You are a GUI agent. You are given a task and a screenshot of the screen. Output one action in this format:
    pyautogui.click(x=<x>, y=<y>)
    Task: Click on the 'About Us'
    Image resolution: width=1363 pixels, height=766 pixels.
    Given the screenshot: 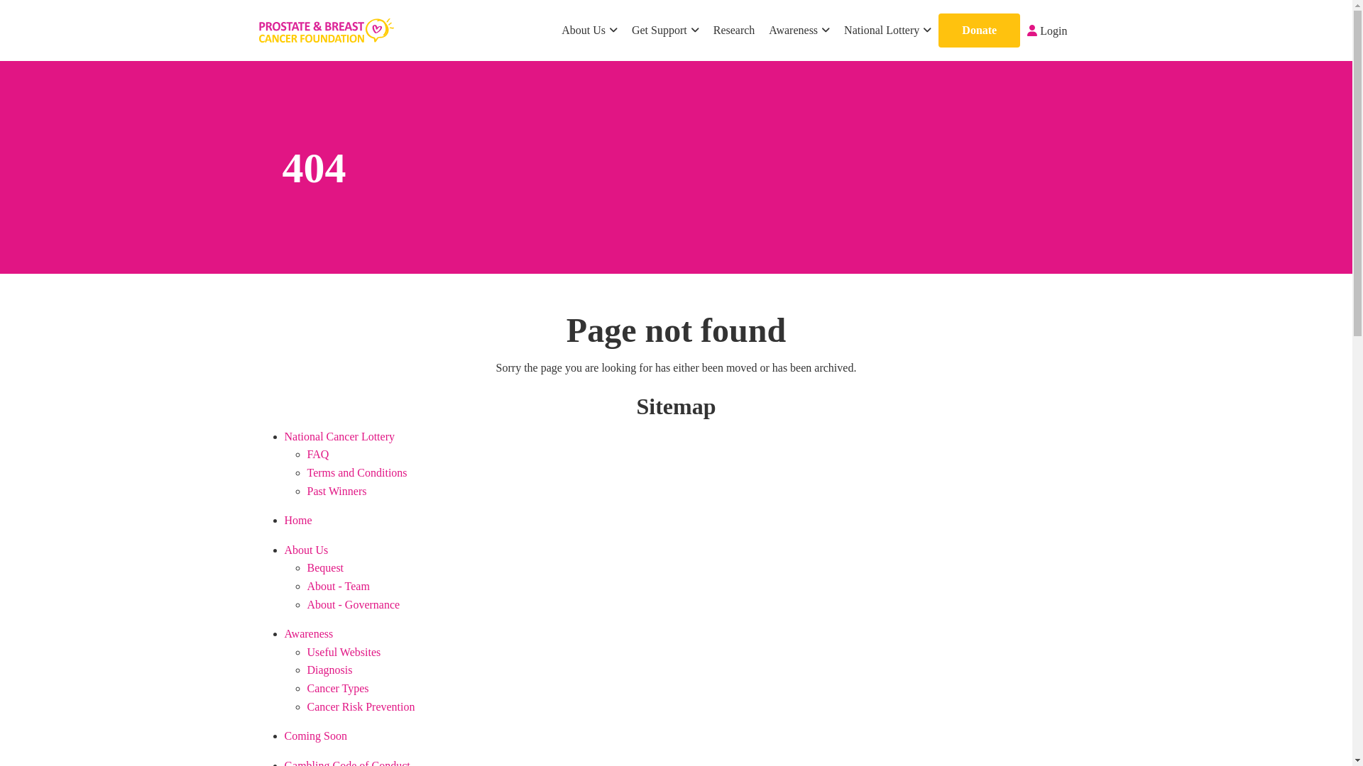 What is the action you would take?
    pyautogui.click(x=589, y=30)
    